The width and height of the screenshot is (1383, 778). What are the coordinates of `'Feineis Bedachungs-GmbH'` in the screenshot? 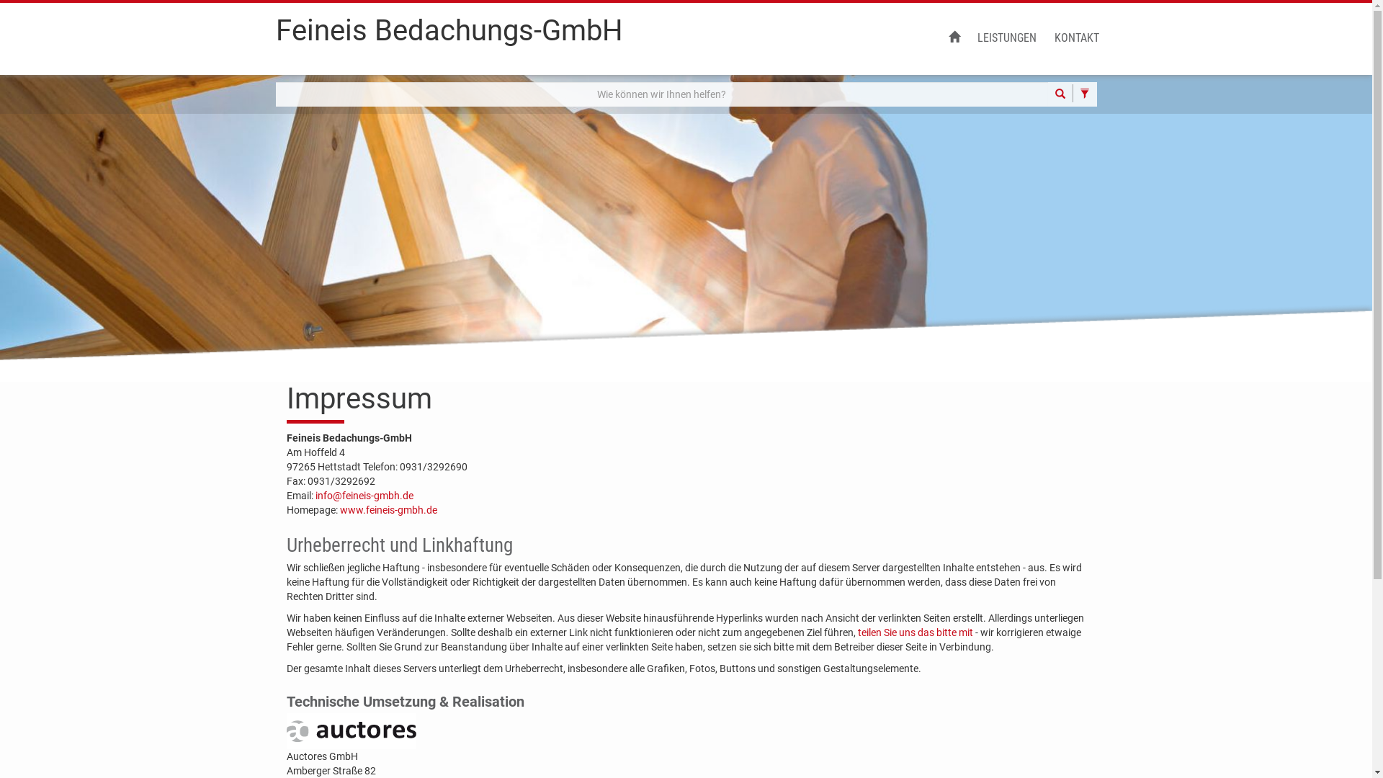 It's located at (448, 35).